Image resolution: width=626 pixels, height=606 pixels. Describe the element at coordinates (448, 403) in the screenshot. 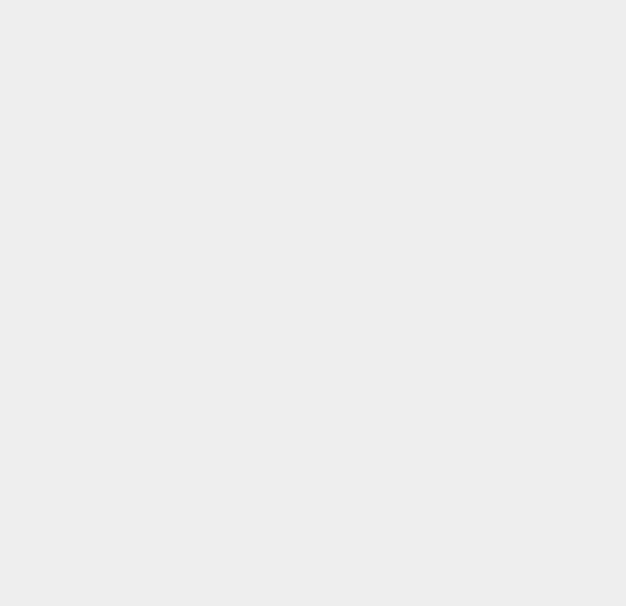

I see `'Siri'` at that location.